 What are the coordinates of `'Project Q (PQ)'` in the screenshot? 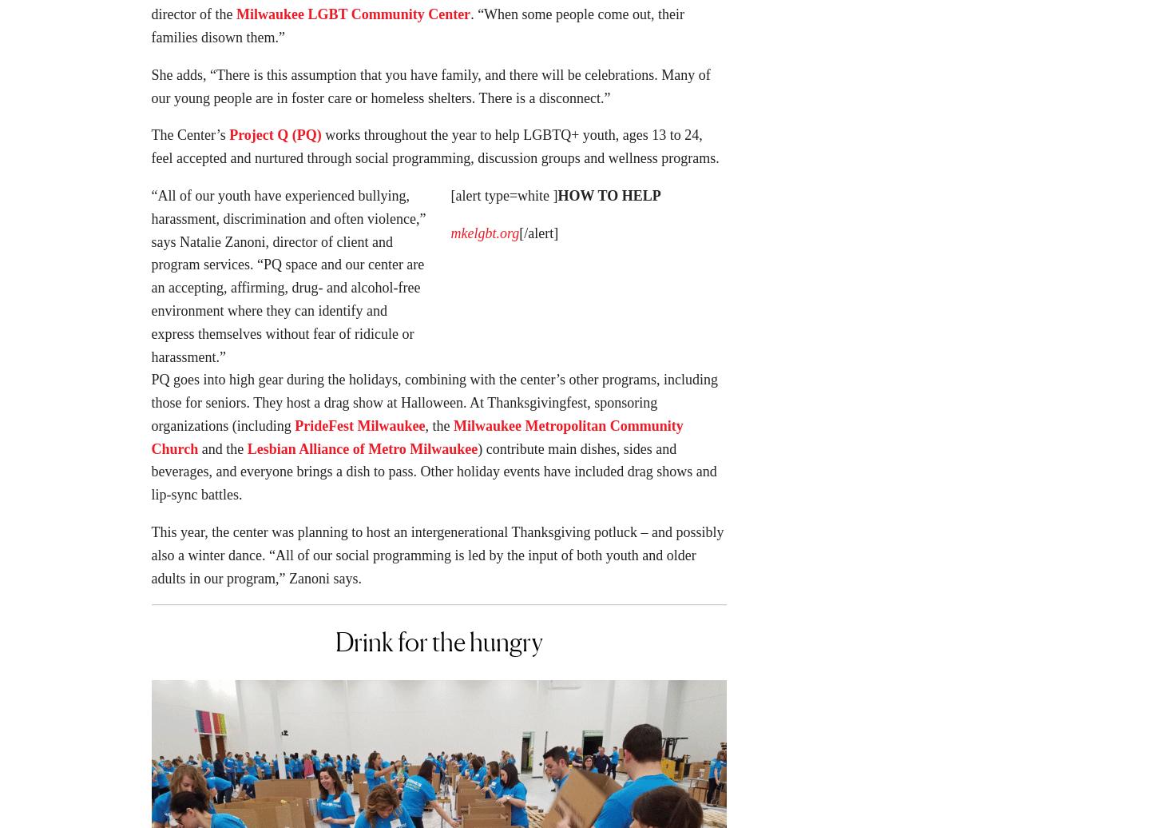 It's located at (275, 139).